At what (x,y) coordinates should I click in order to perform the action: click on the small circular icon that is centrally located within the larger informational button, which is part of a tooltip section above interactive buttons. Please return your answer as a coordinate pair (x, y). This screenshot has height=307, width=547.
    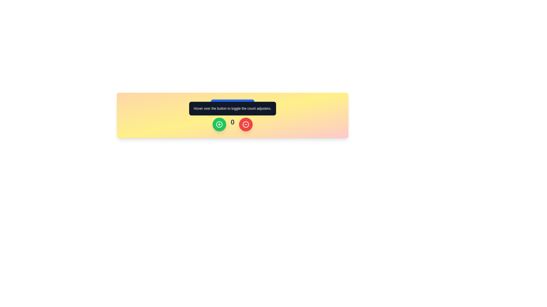
    Looking at the image, I should click on (218, 105).